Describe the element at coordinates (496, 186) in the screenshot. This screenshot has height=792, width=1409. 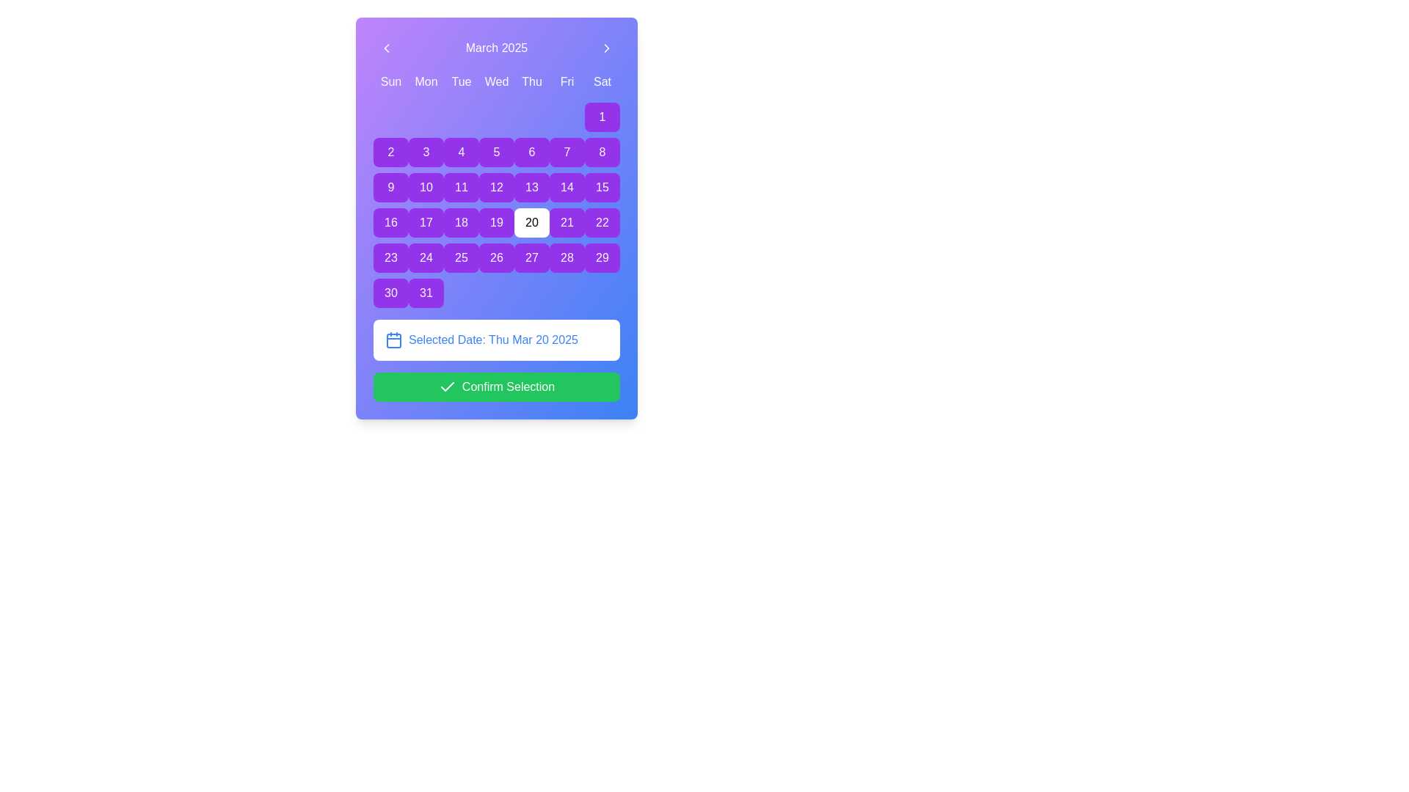
I see `the button representing the 12th day in the calendar` at that location.